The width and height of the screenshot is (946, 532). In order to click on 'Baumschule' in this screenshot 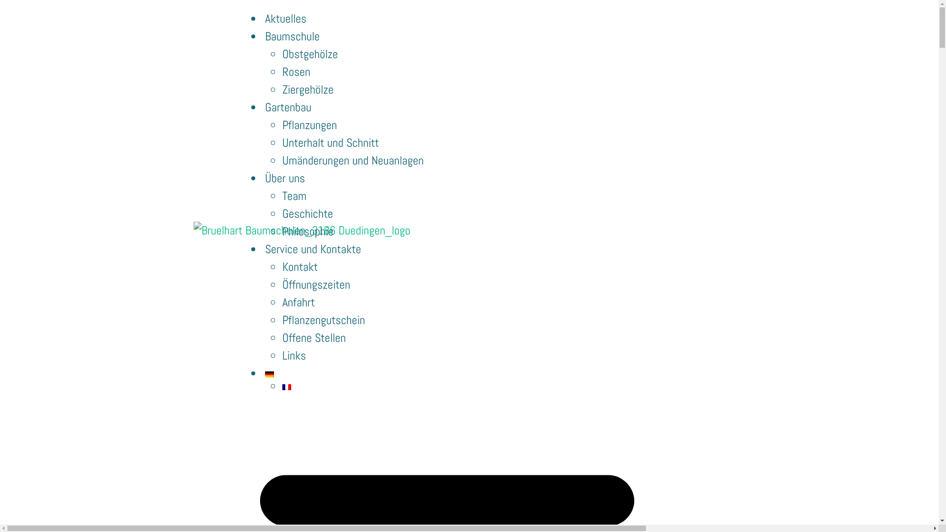, I will do `click(292, 35)`.